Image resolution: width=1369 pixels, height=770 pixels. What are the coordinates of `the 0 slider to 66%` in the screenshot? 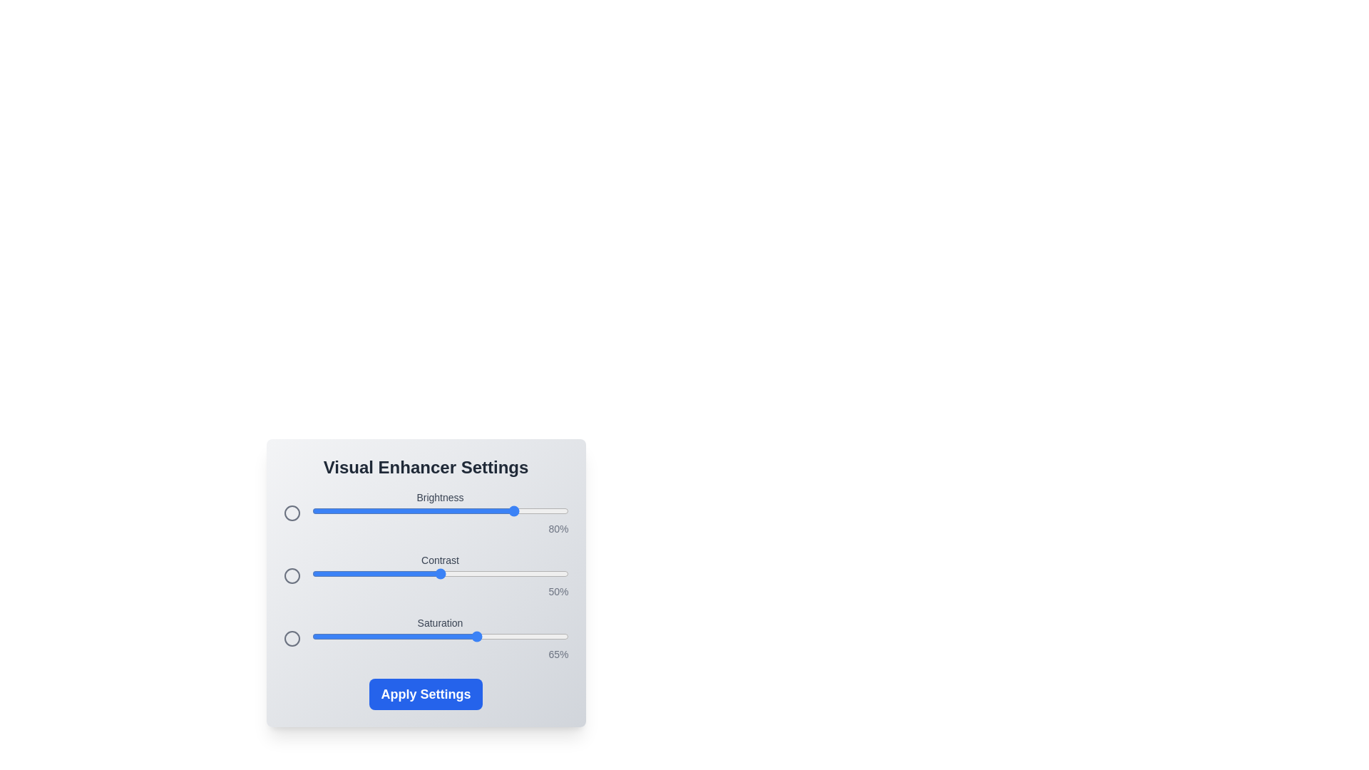 It's located at (481, 510).